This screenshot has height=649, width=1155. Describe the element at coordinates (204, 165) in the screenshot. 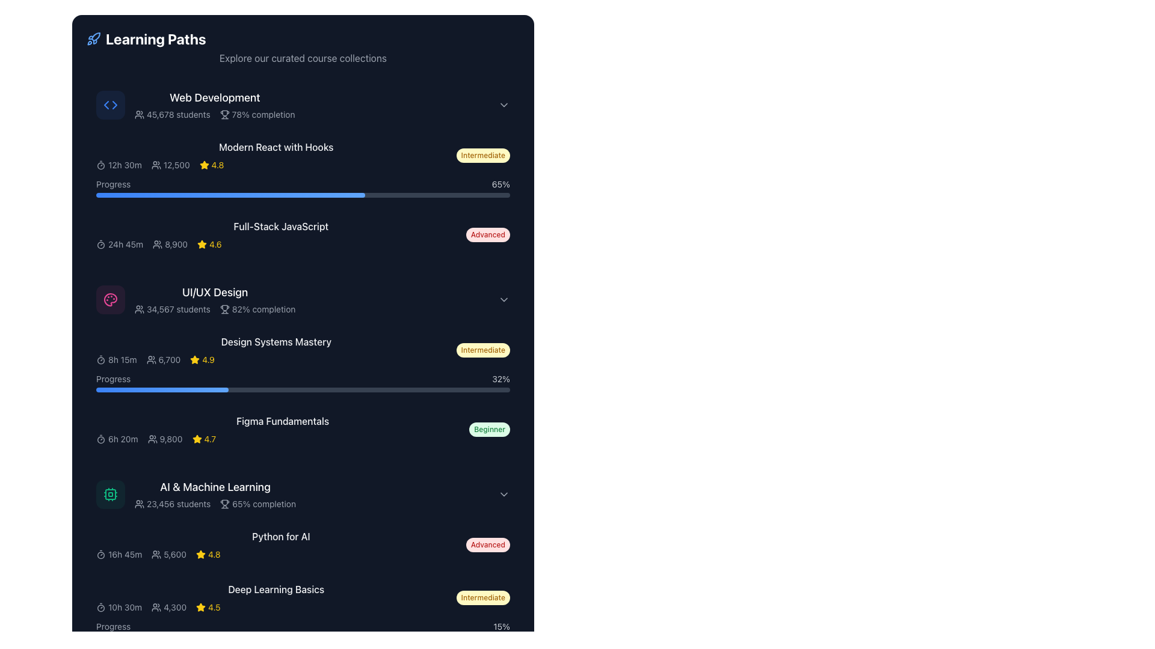

I see `the gold-colored star icon that signifies a rating system, located next to the numerical rating score (4.8) in the 'Modern React with Hooks' course section` at that location.